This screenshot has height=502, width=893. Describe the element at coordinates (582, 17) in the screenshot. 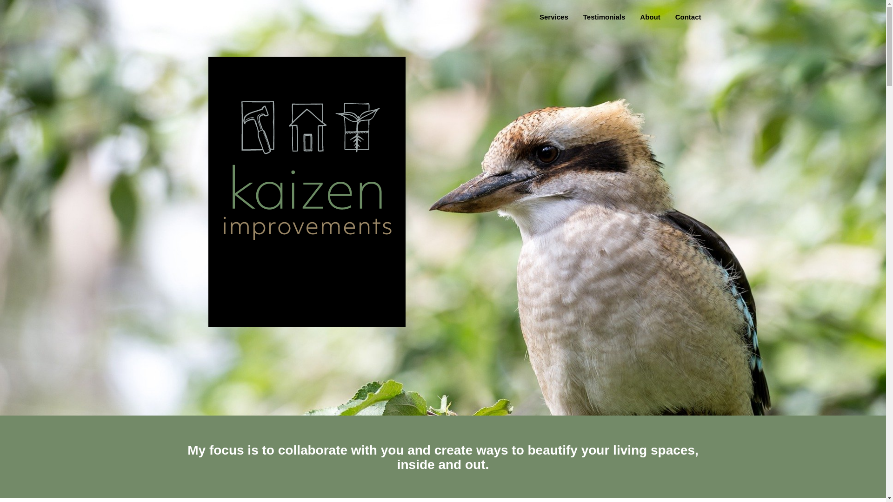

I see `'Testimonials'` at that location.